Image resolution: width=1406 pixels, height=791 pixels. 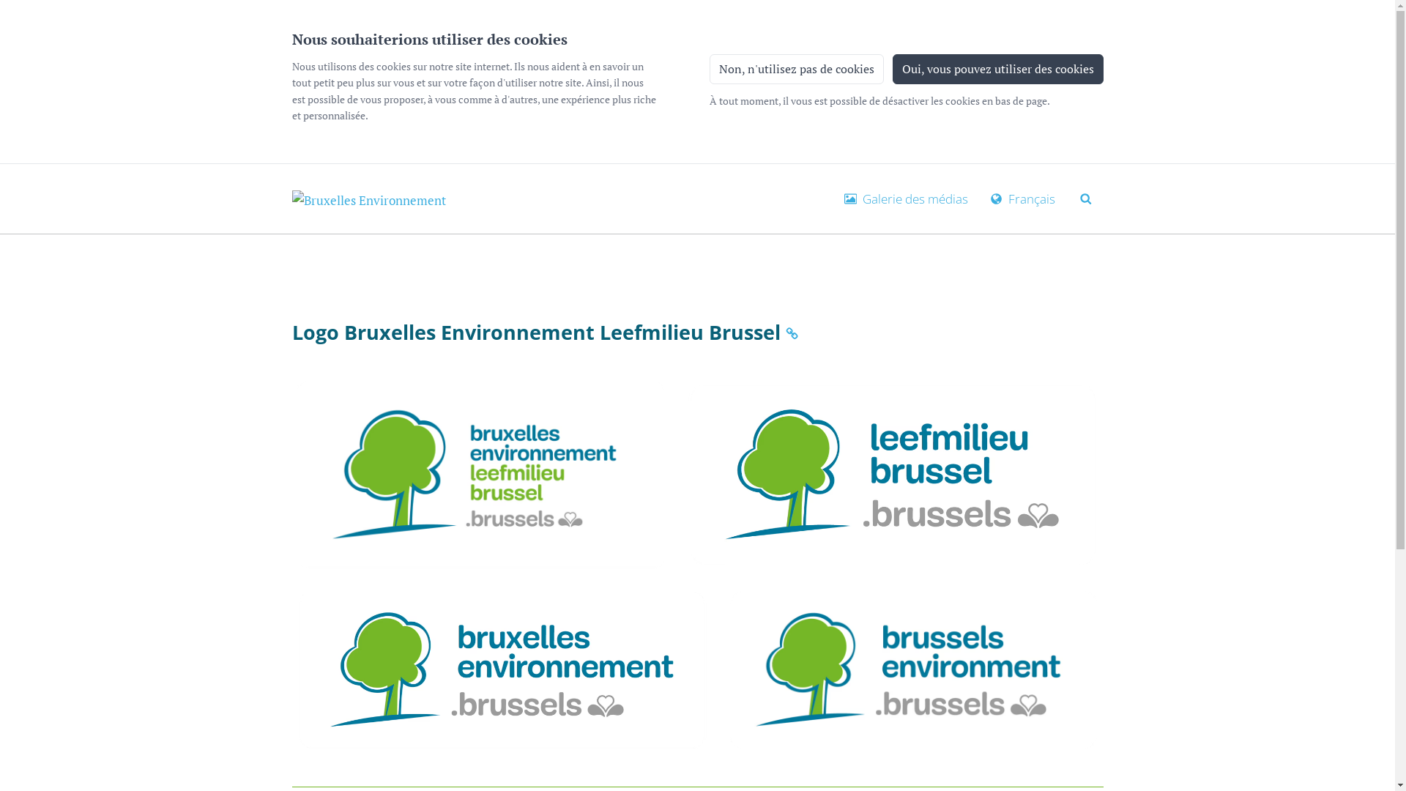 What do you see at coordinates (1086, 196) in the screenshot?
I see `'Rechercher dans la salle de presse'` at bounding box center [1086, 196].